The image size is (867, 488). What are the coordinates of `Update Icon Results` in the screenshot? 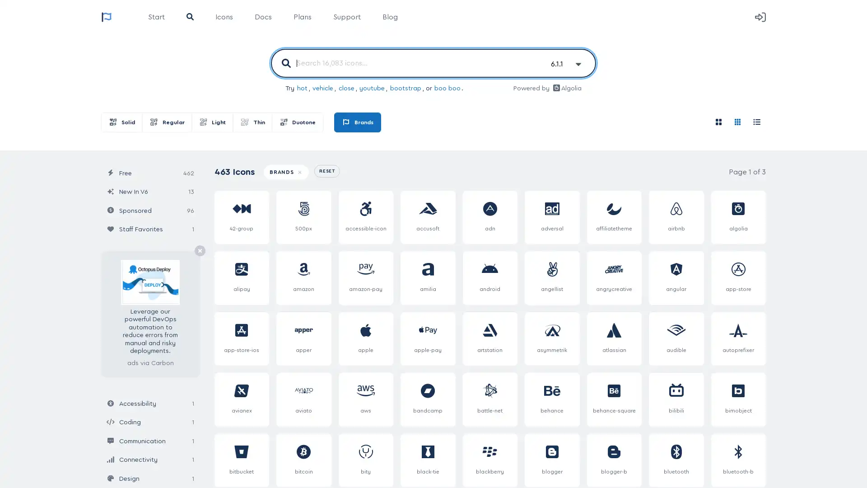 It's located at (101, 176).